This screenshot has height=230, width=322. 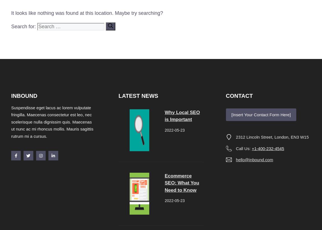 I want to click on 'Latest news', so click(x=138, y=96).